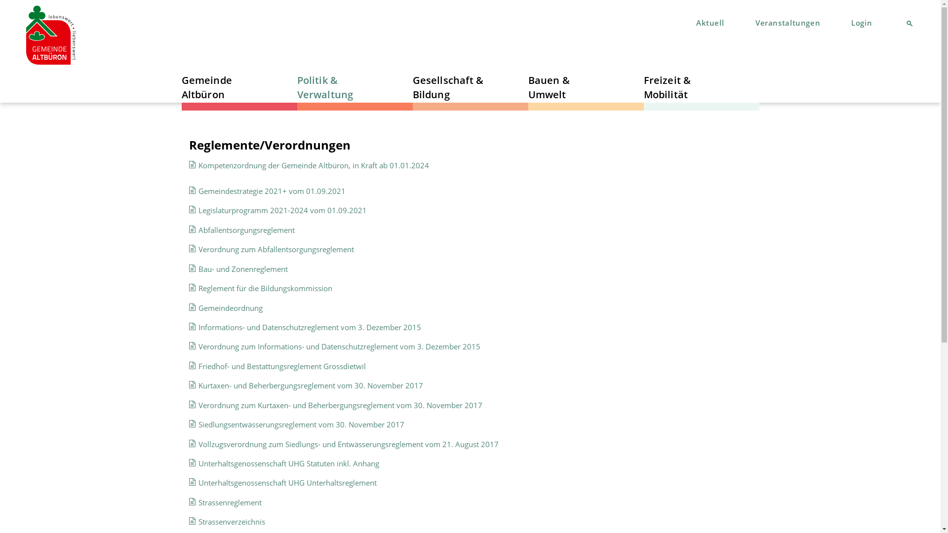 This screenshot has width=948, height=533. What do you see at coordinates (198, 268) in the screenshot?
I see `'Bau- und Zonenreglement'` at bounding box center [198, 268].